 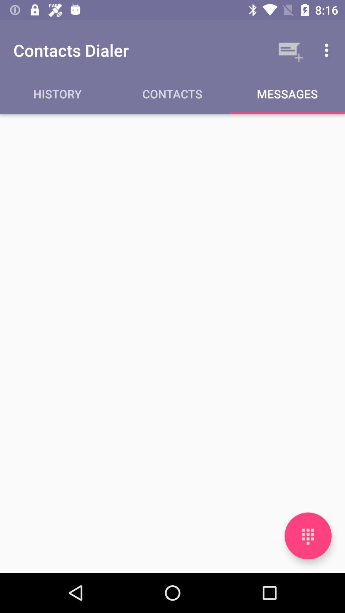 I want to click on the dialpad icon, so click(x=308, y=536).